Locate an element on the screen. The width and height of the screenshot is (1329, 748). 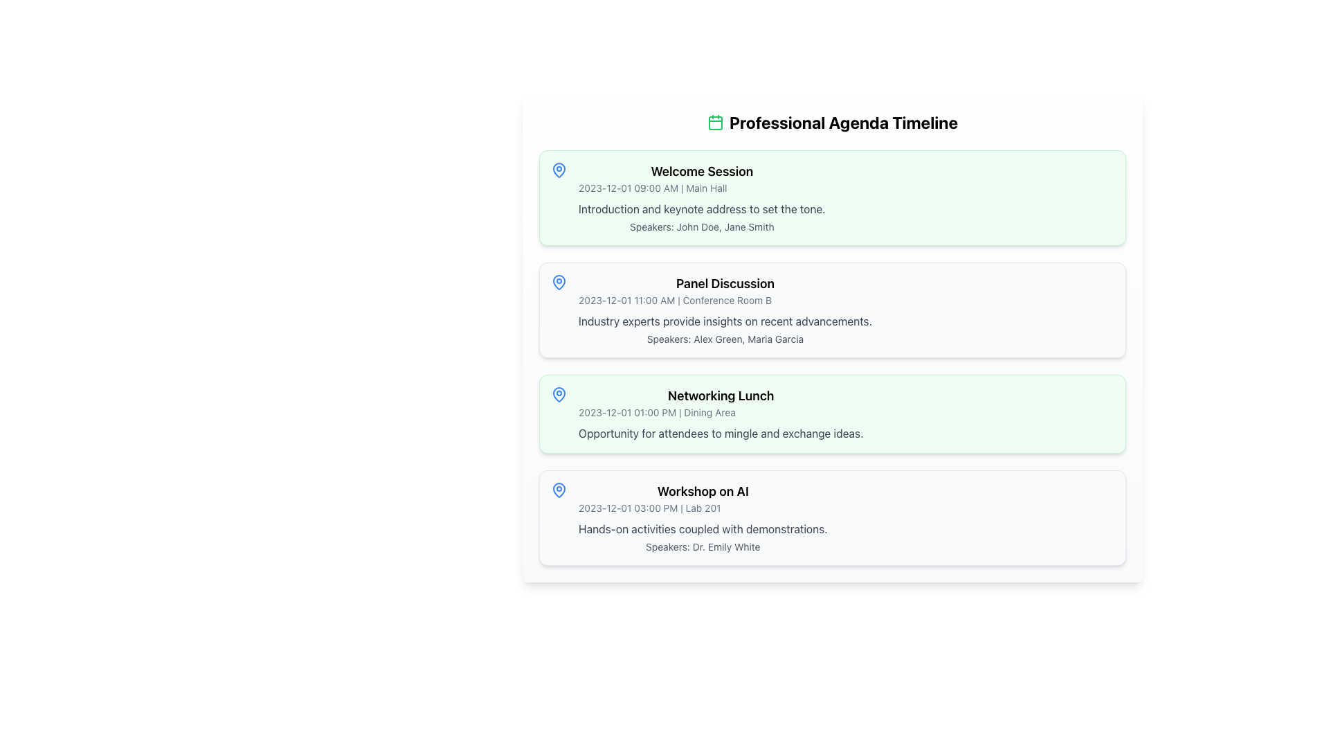
the decorative location icon in the top-left corner of the 'Networking Lunch' event block within the 'Professional Agenda Timeline', which visually indicates location information for the associated event is located at coordinates (559, 395).